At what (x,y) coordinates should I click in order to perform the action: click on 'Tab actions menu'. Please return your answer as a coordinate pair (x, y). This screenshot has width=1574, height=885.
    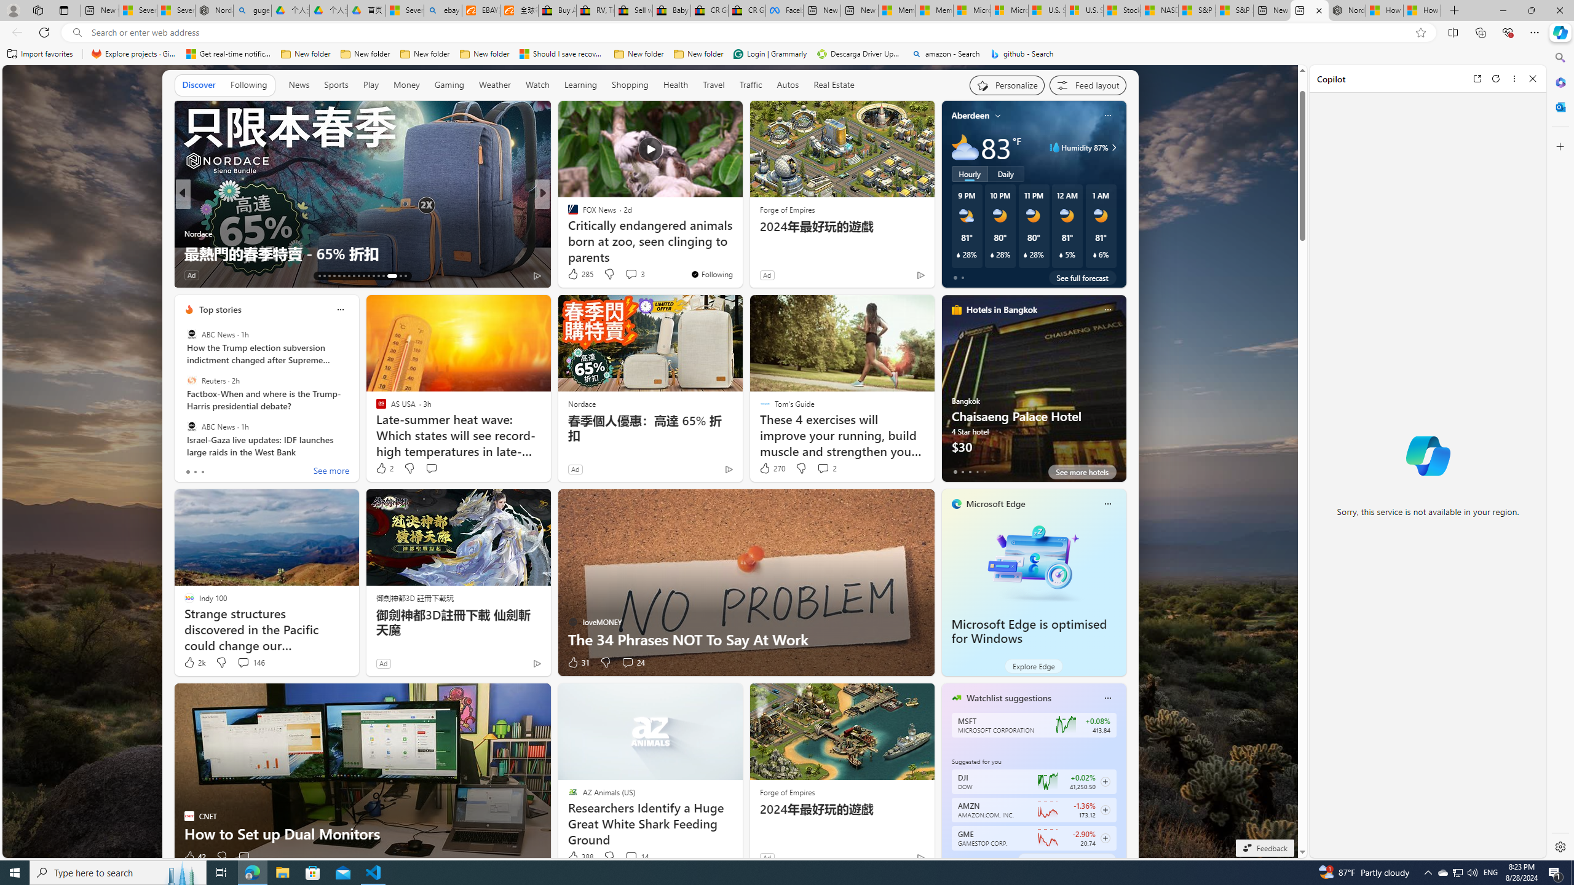
    Looking at the image, I should click on (63, 10).